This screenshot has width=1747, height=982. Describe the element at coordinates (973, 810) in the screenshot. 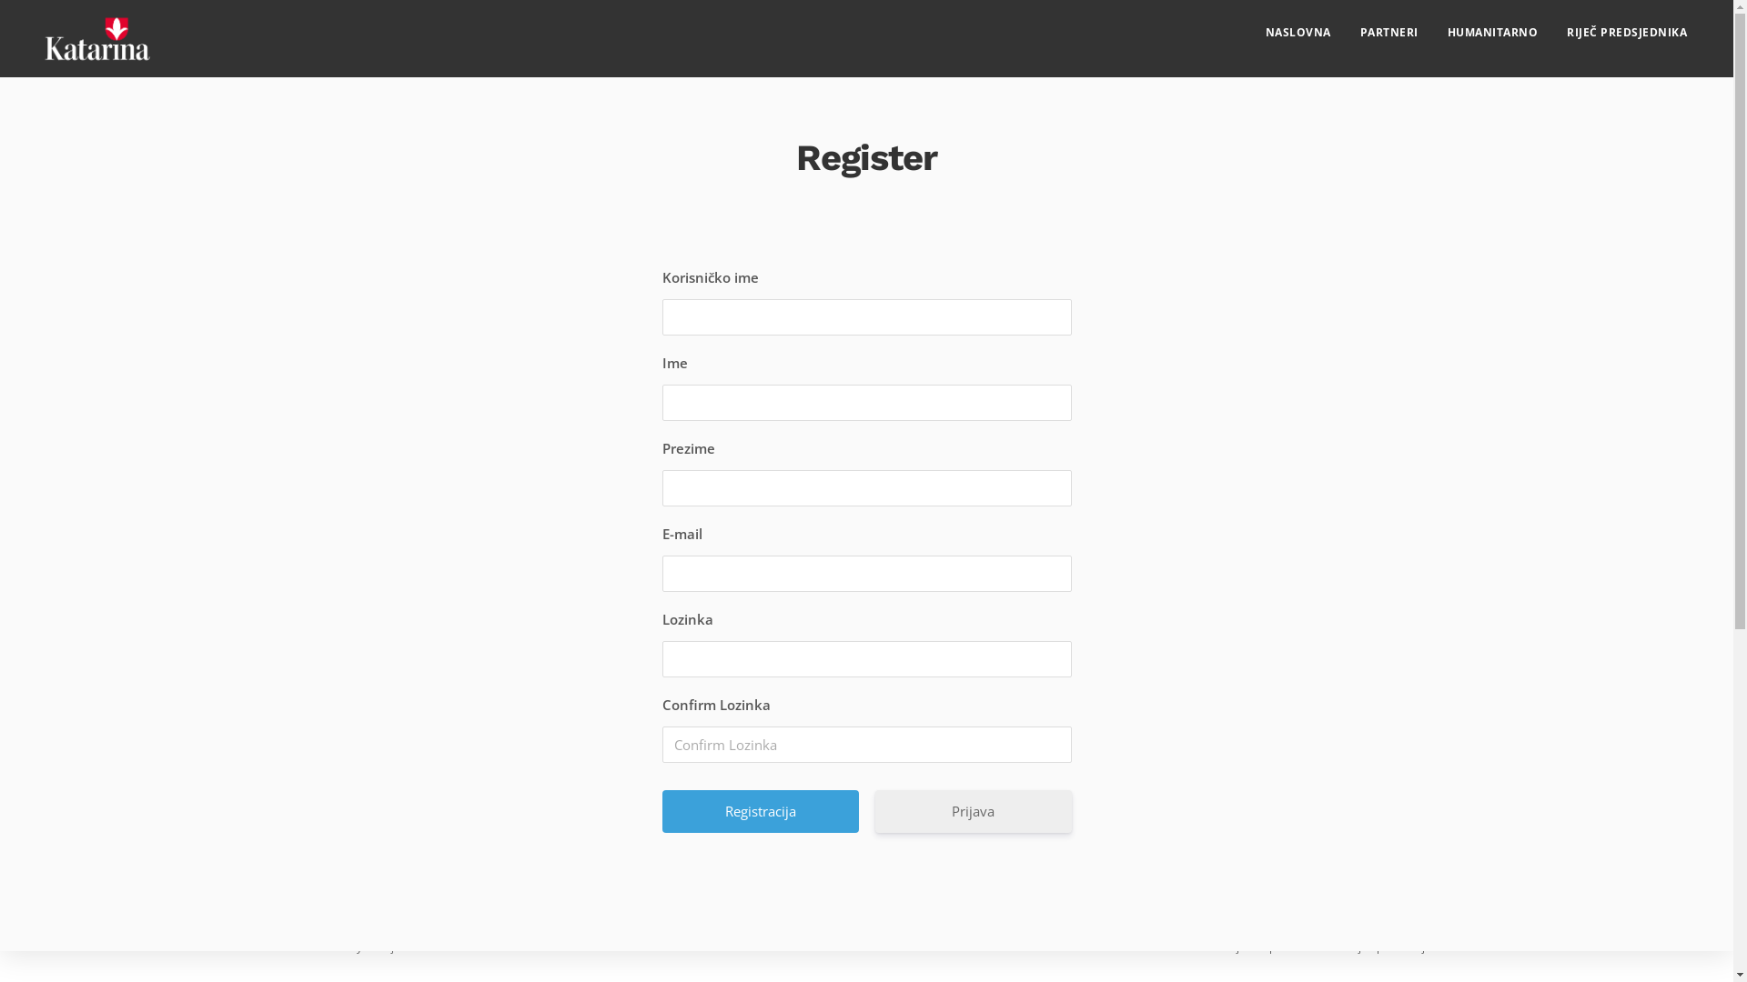

I see `'Prijava'` at that location.